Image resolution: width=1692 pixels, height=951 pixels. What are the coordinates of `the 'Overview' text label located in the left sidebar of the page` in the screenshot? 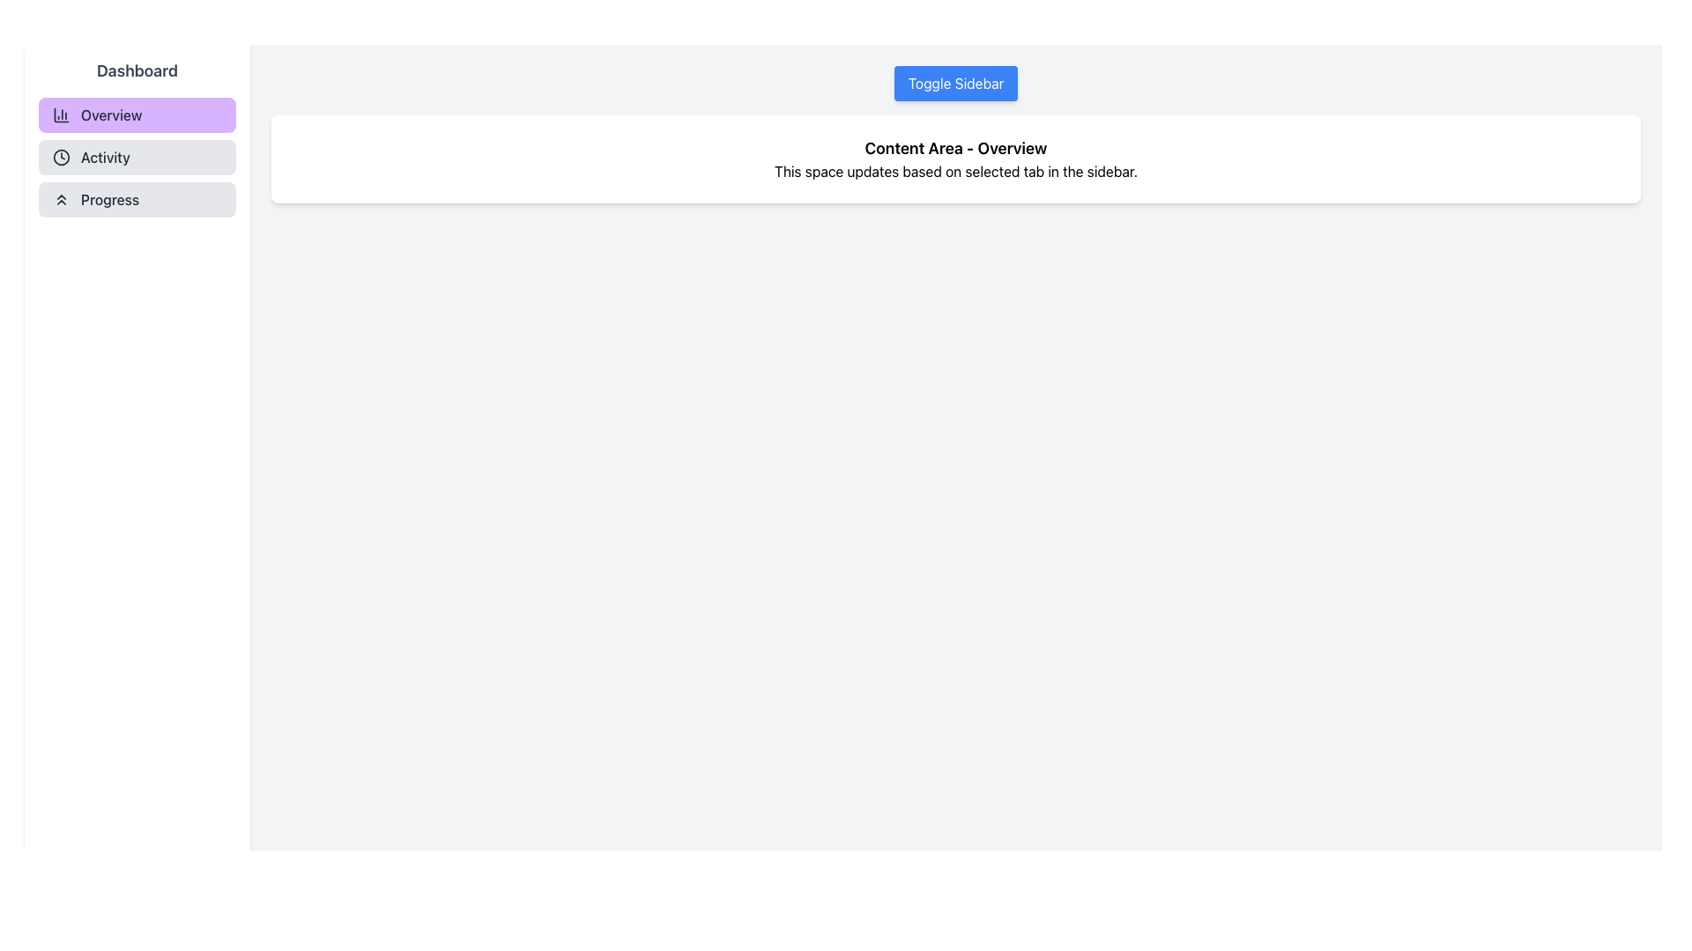 It's located at (110, 115).